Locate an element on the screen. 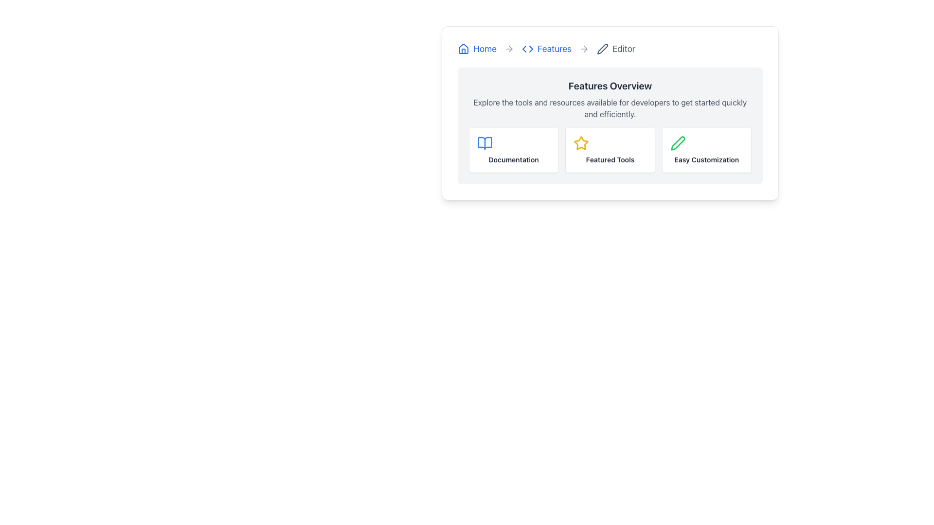 This screenshot has height=525, width=934. the 'Featured Tools' text label, which is styled in bold gray font and centrally aligned within a card layout, positioned below a yellow star icon is located at coordinates (610, 159).